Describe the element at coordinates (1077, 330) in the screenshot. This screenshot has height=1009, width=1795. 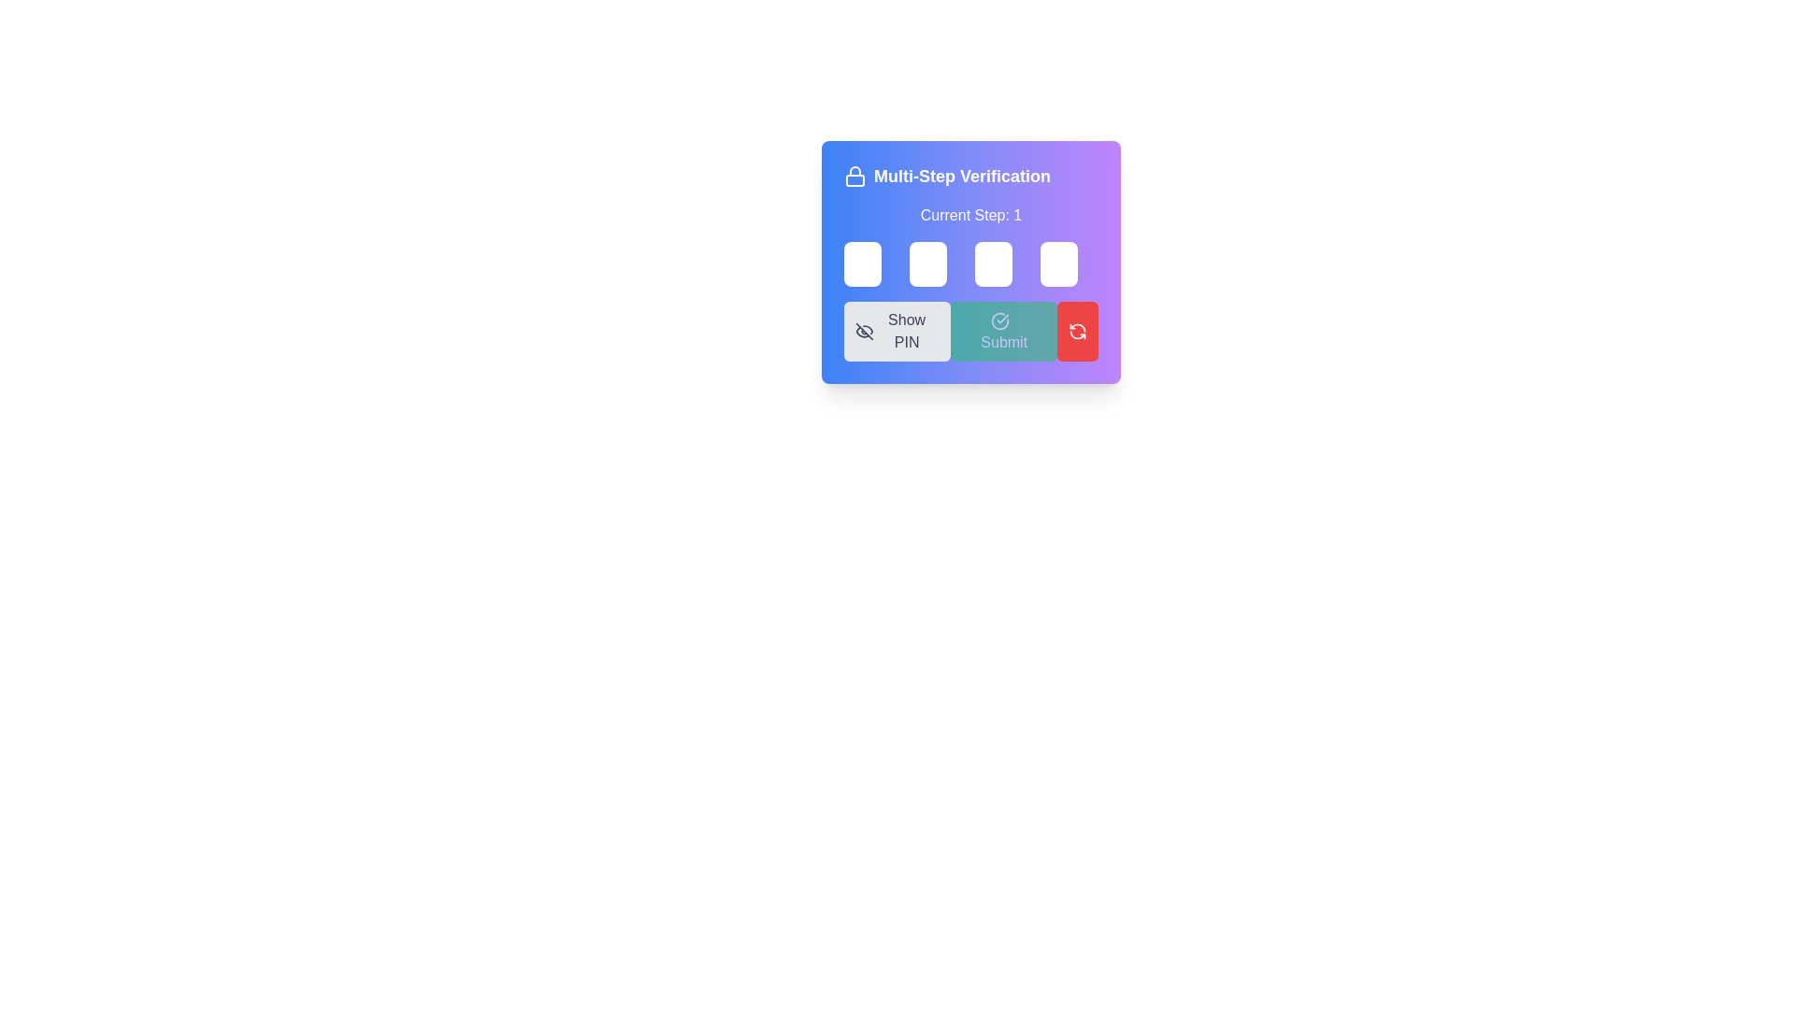
I see `the circular refresh icon button with a red background and white arrows located at the bottom-right corner of the 'Multi-Step Verification' card` at that location.